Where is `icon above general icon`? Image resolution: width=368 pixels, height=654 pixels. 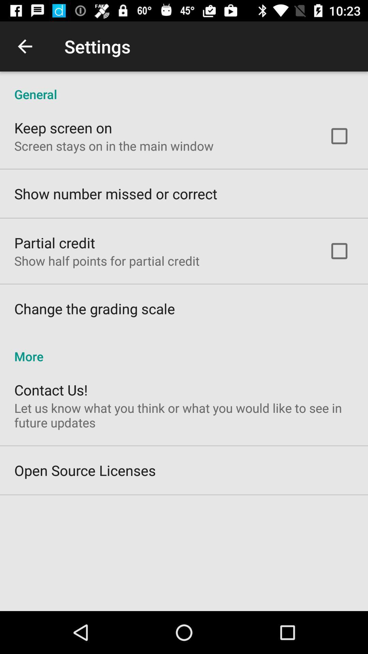 icon above general icon is located at coordinates (25, 46).